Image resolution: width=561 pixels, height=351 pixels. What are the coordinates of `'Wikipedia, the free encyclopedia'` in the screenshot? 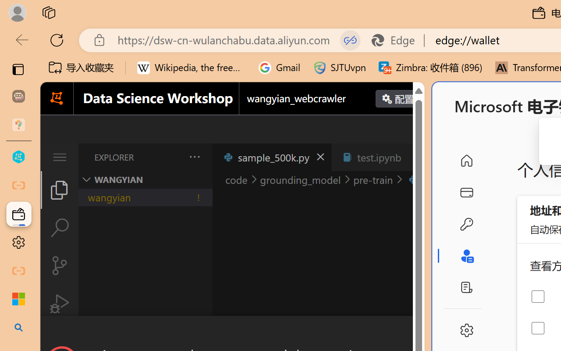 It's located at (191, 68).